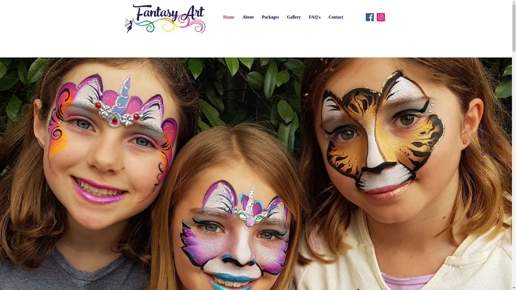 This screenshot has width=516, height=290. Describe the element at coordinates (270, 17) in the screenshot. I see `'Packages'` at that location.